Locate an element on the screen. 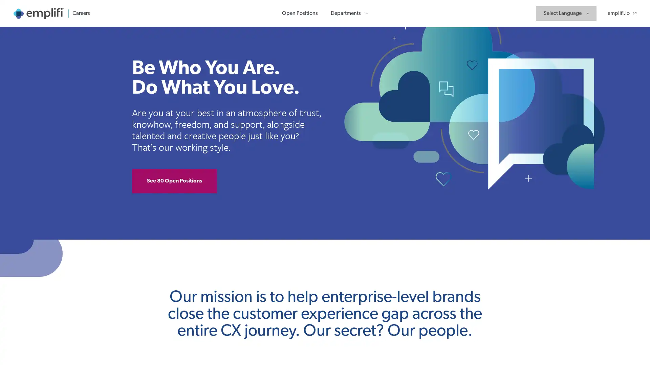 Image resolution: width=650 pixels, height=365 pixels. Select Language is located at coordinates (566, 13).